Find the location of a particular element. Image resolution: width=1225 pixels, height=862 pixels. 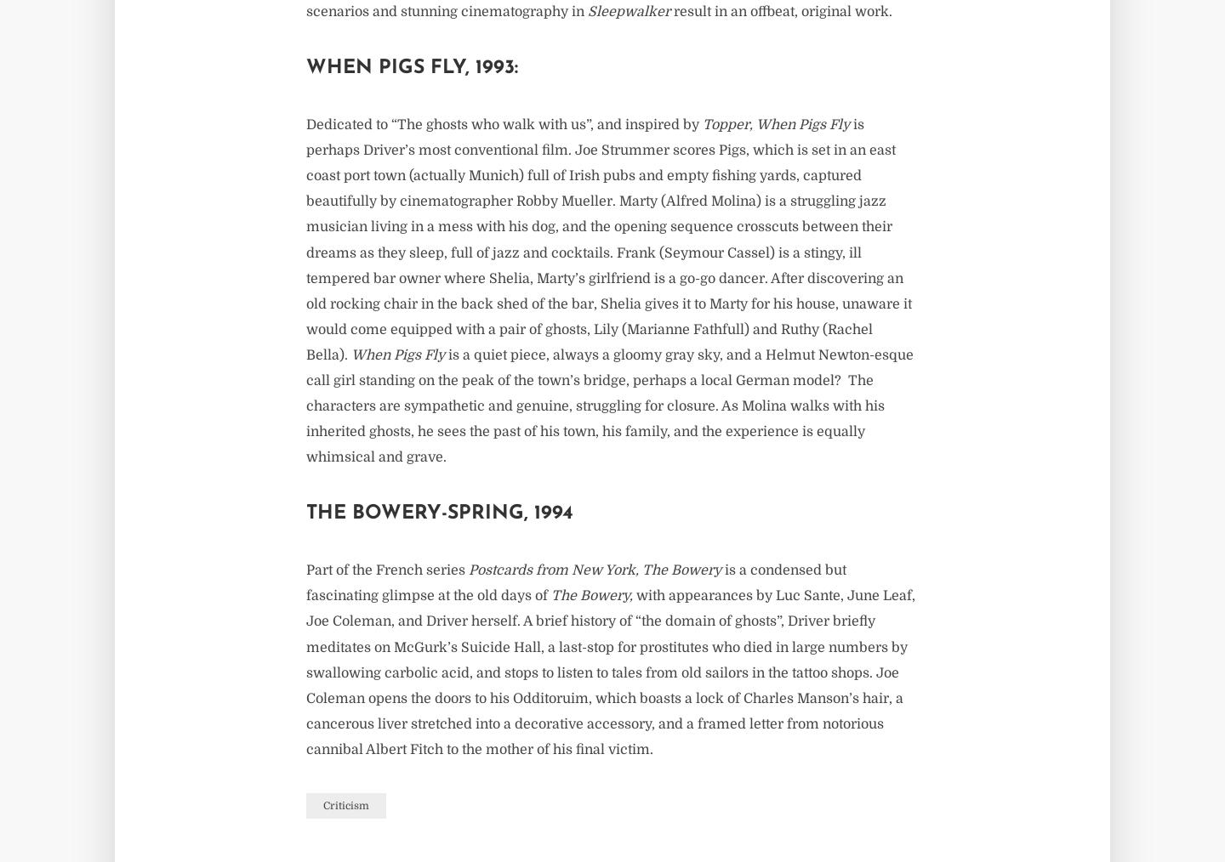

'The Bowery-Spring, 1994' is located at coordinates (306, 513).